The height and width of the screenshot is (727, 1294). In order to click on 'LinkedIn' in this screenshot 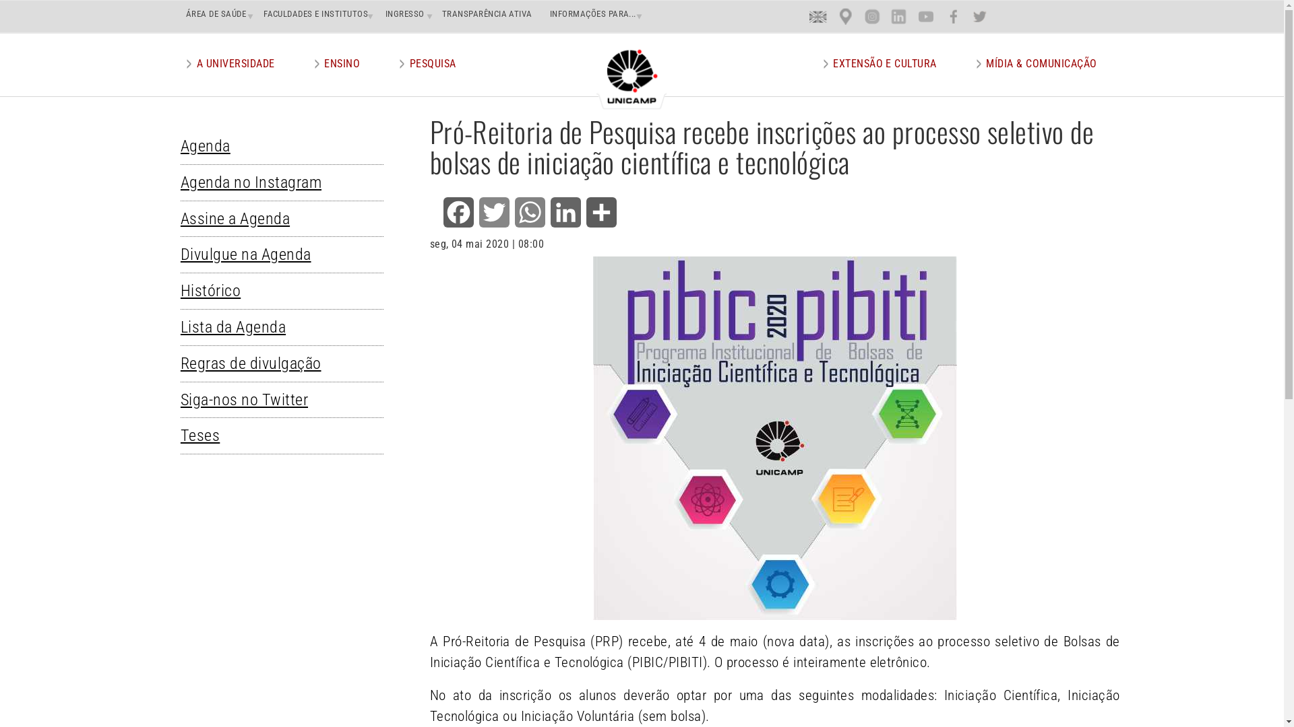, I will do `click(565, 212)`.